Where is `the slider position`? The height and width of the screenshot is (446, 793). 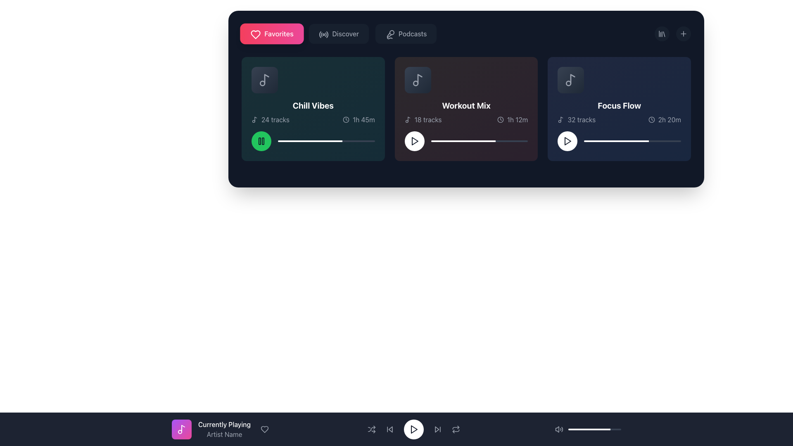
the slider position is located at coordinates (609, 141).